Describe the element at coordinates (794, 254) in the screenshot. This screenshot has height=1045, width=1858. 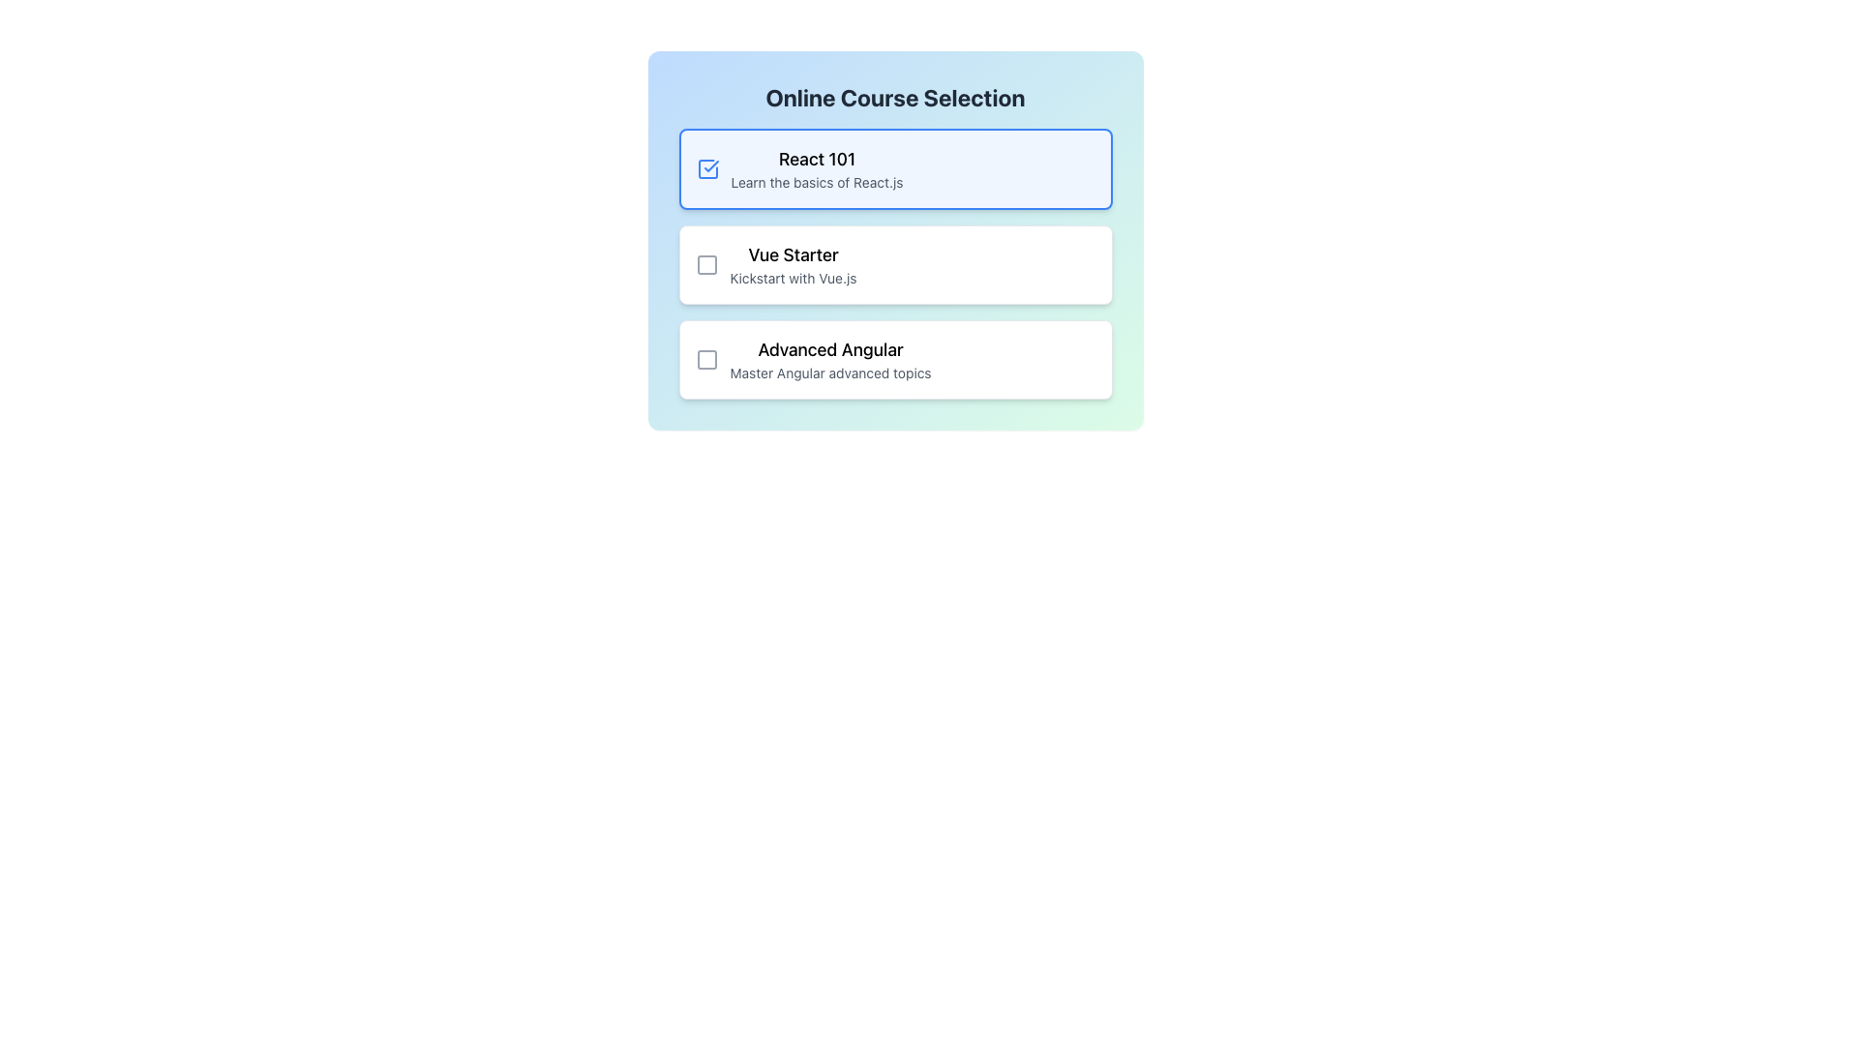
I see `the static text label titled 'Vue Starter' which is the primary title on the second card in the course selection interface` at that location.